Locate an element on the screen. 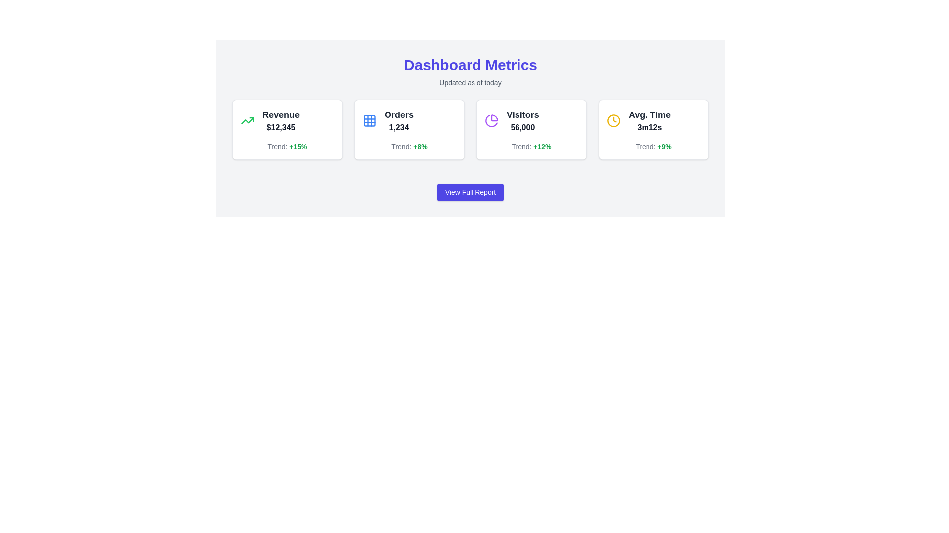 This screenshot has height=533, width=949. the static text block displaying a +12% increase in visitors metric located within the 'Visitors' card on the dashboard is located at coordinates (531, 147).